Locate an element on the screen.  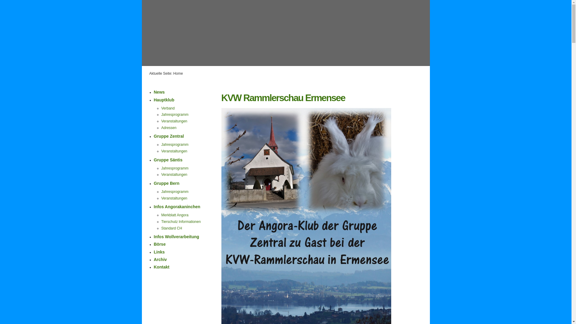
'KVW Rammlerschau Ermensee' is located at coordinates (283, 97).